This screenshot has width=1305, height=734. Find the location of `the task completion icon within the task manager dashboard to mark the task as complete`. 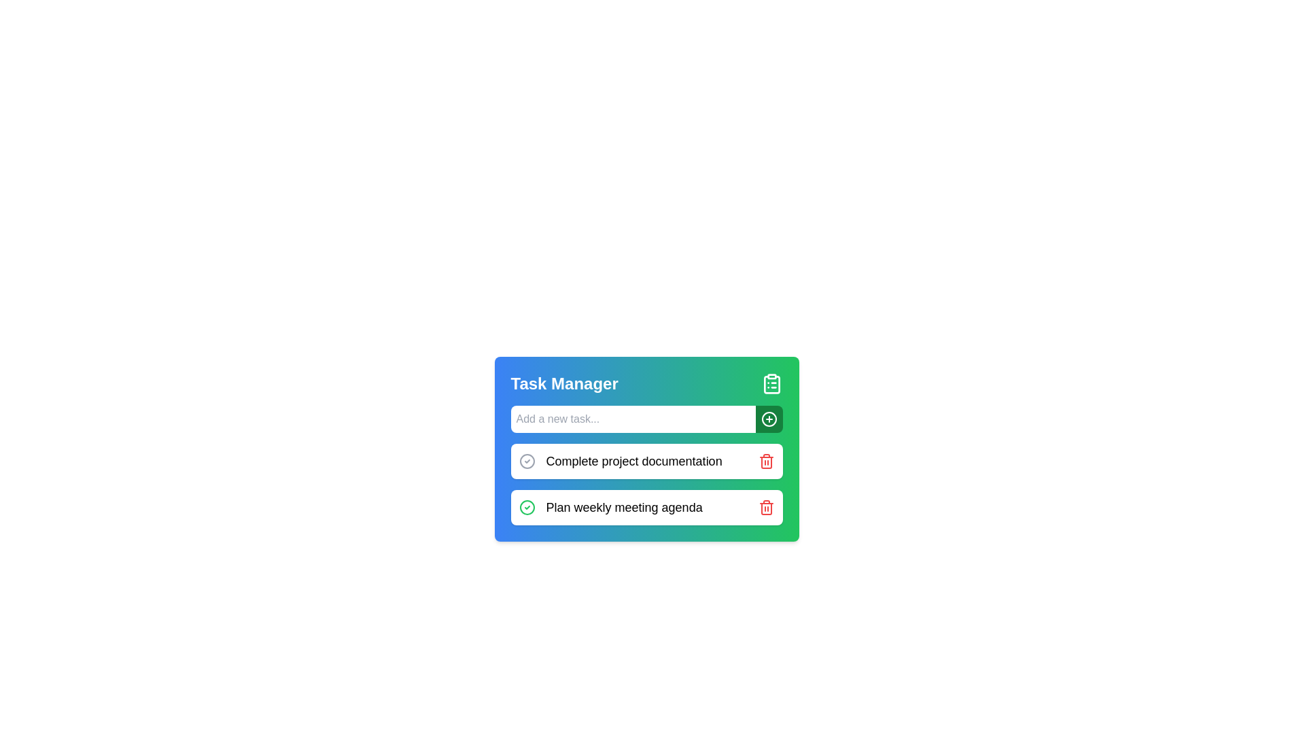

the task completion icon within the task manager dashboard to mark the task as complete is located at coordinates (646, 488).